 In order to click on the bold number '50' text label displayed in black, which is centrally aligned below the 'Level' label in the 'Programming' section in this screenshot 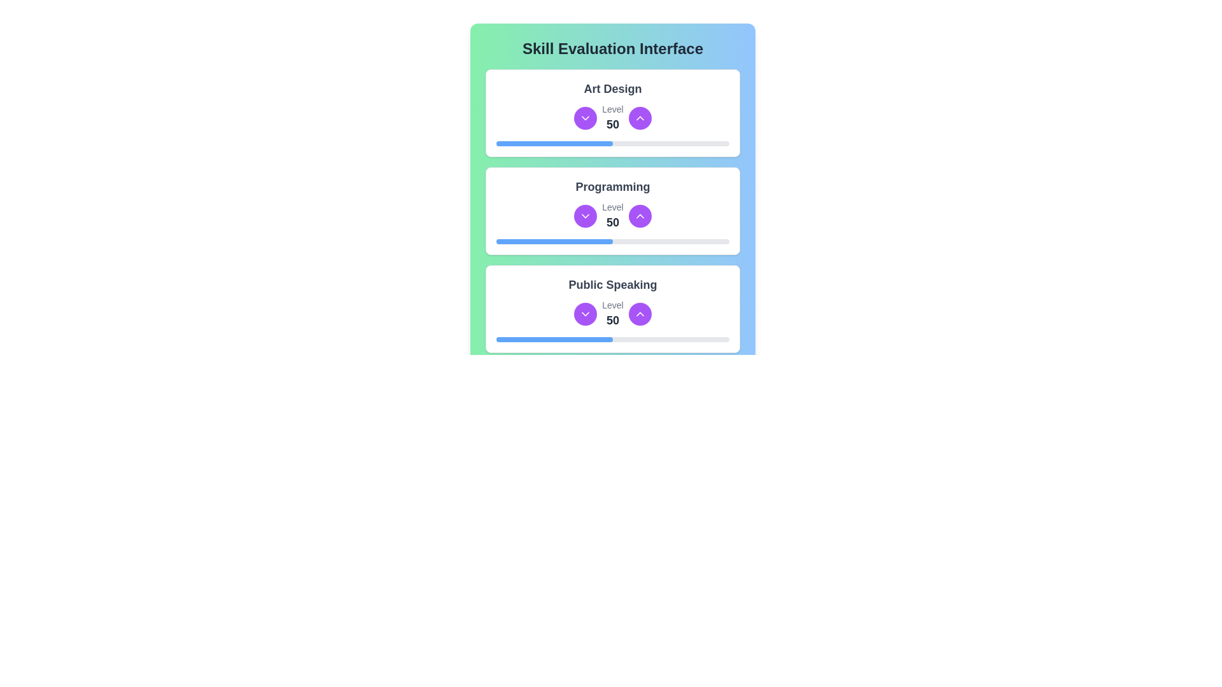, I will do `click(613, 222)`.